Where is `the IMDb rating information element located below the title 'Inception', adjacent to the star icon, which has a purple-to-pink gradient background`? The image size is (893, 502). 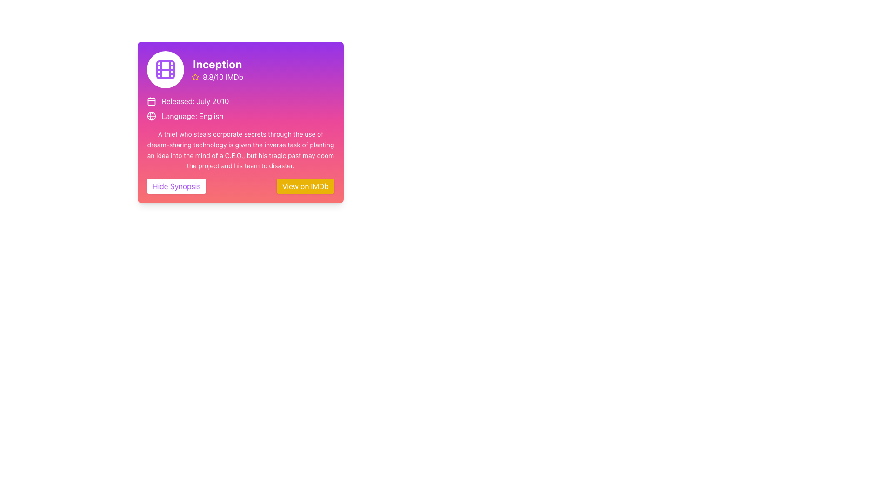 the IMDb rating information element located below the title 'Inception', adjacent to the star icon, which has a purple-to-pink gradient background is located at coordinates (217, 76).